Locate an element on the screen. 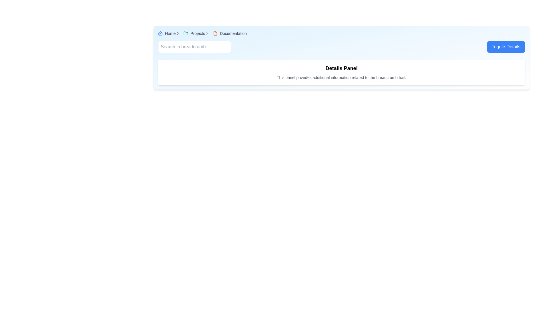 This screenshot has height=309, width=549. the 'Projects' icon in the breadcrumb navigation bar, which is visually represented by a graphical folder icon located between the 'Home' and 'Documentation' icons is located at coordinates (186, 33).